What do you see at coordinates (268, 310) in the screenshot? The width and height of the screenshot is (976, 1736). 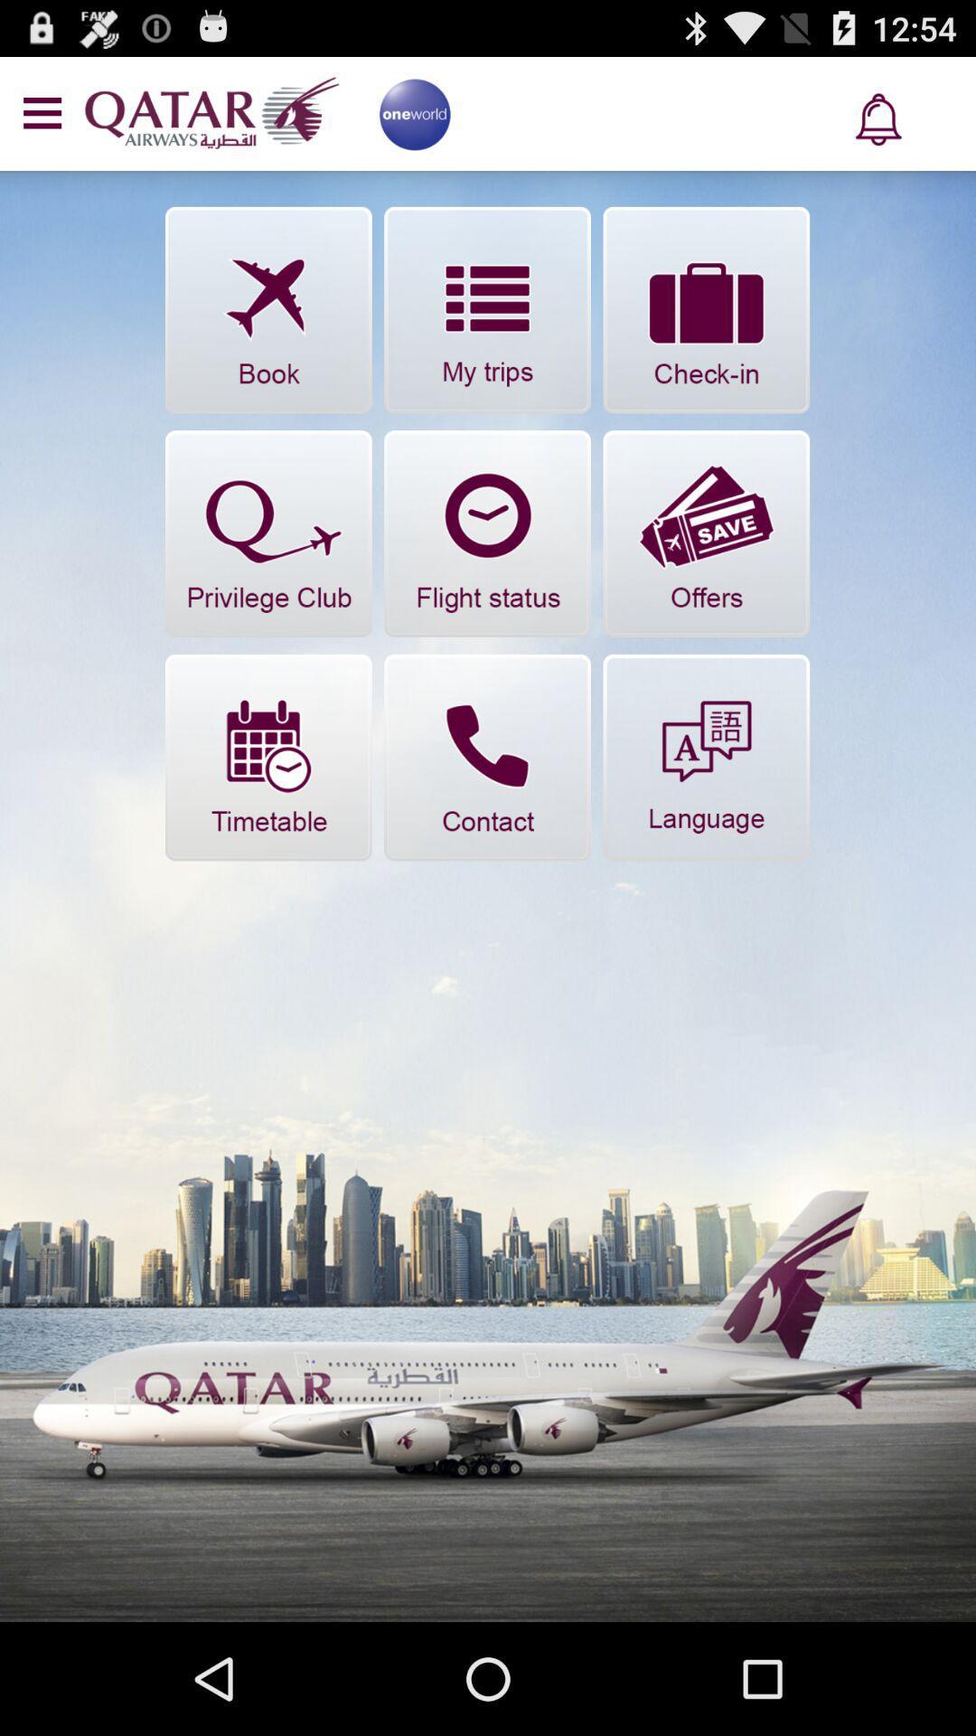 I see `click book button` at bounding box center [268, 310].